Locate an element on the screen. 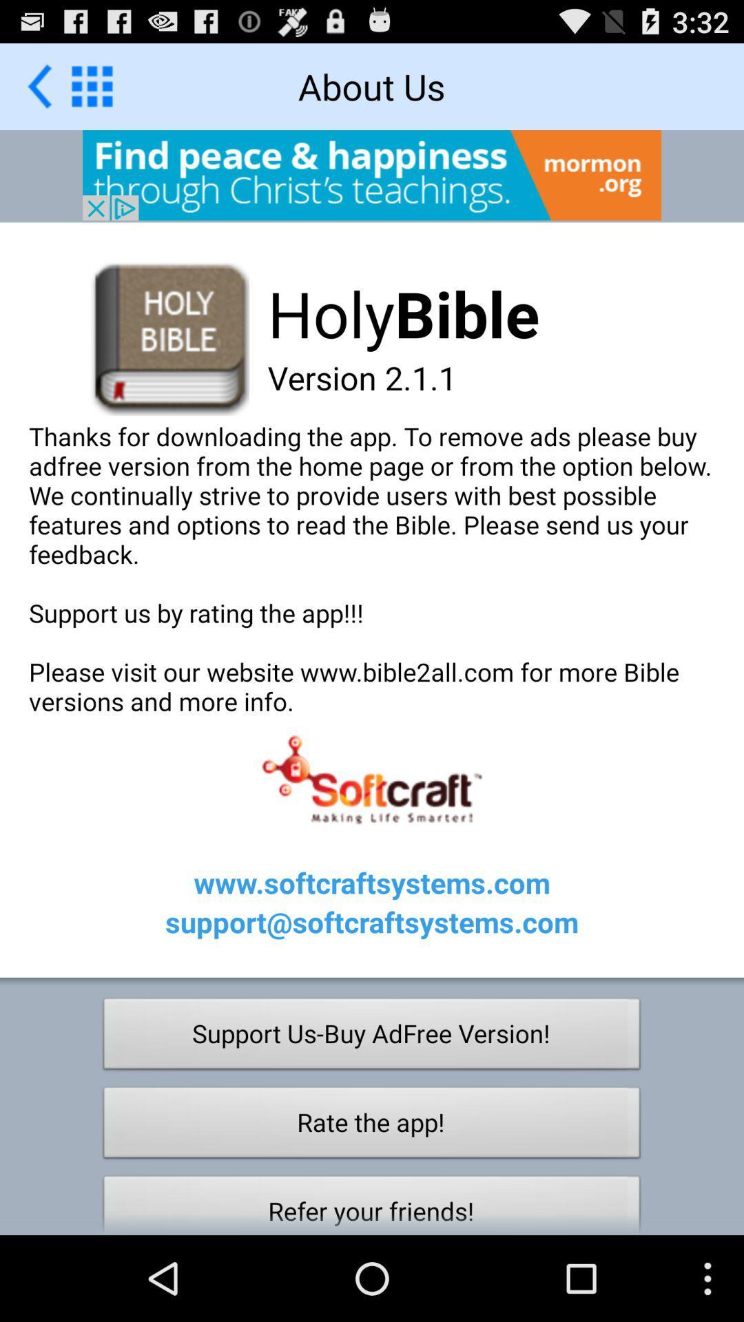  open menu is located at coordinates (92, 85).